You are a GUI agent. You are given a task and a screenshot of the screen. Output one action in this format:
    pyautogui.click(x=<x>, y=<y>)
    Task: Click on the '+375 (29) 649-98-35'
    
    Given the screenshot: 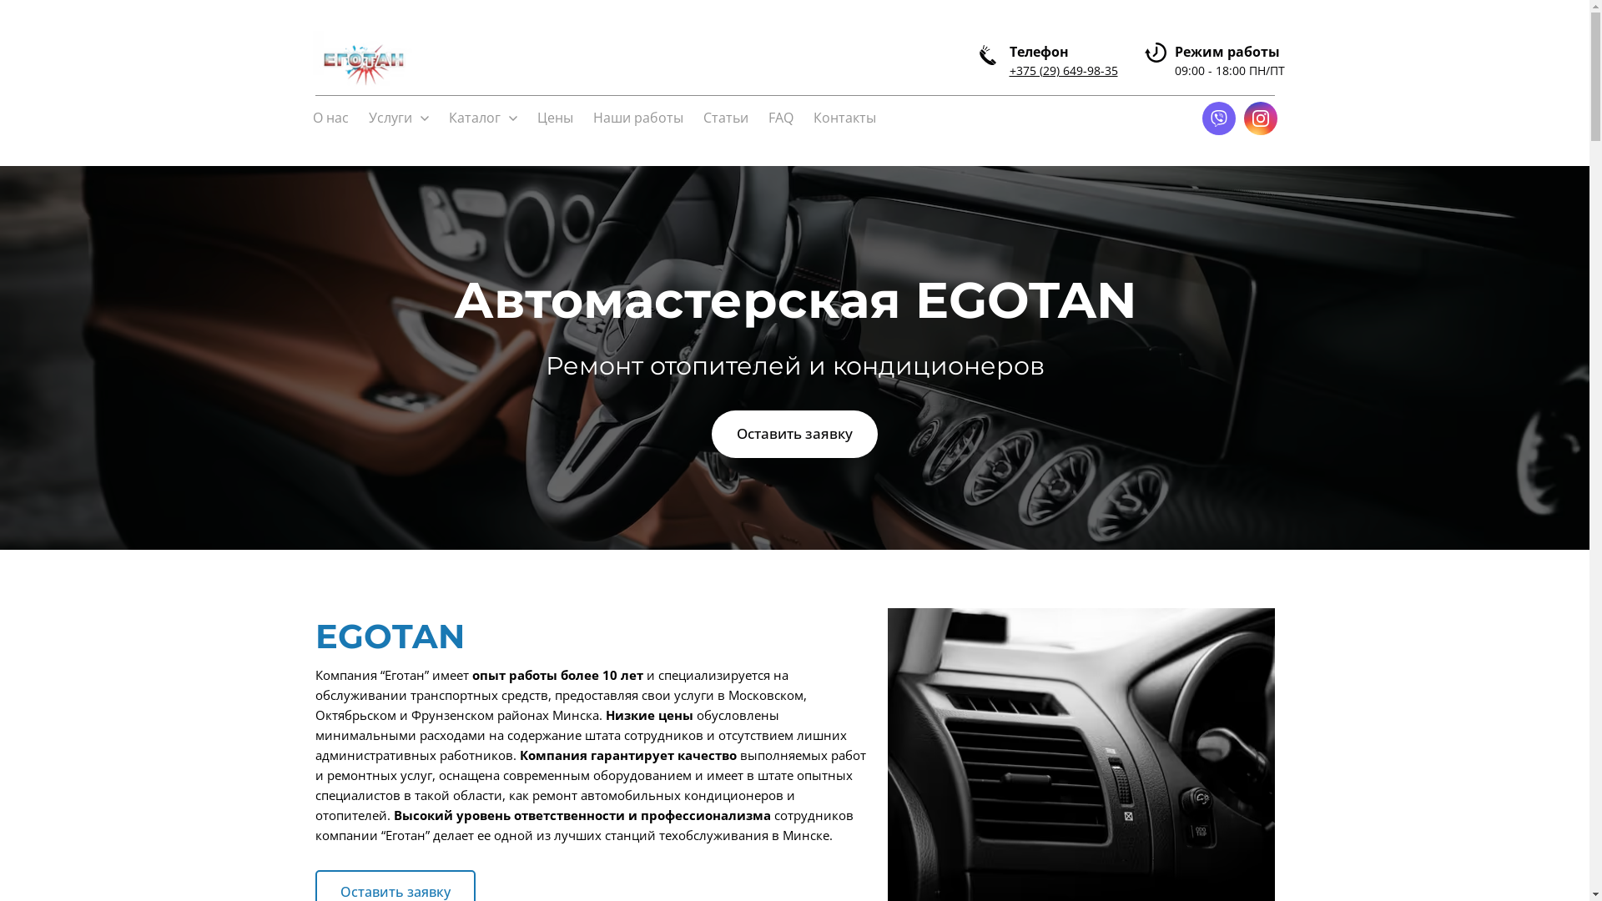 What is the action you would take?
    pyautogui.click(x=1063, y=69)
    